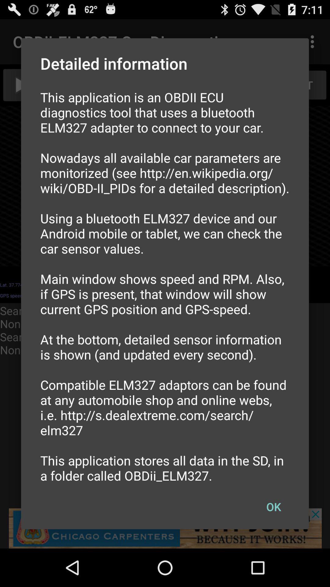 The image size is (330, 587). Describe the element at coordinates (273, 507) in the screenshot. I see `the ok` at that location.